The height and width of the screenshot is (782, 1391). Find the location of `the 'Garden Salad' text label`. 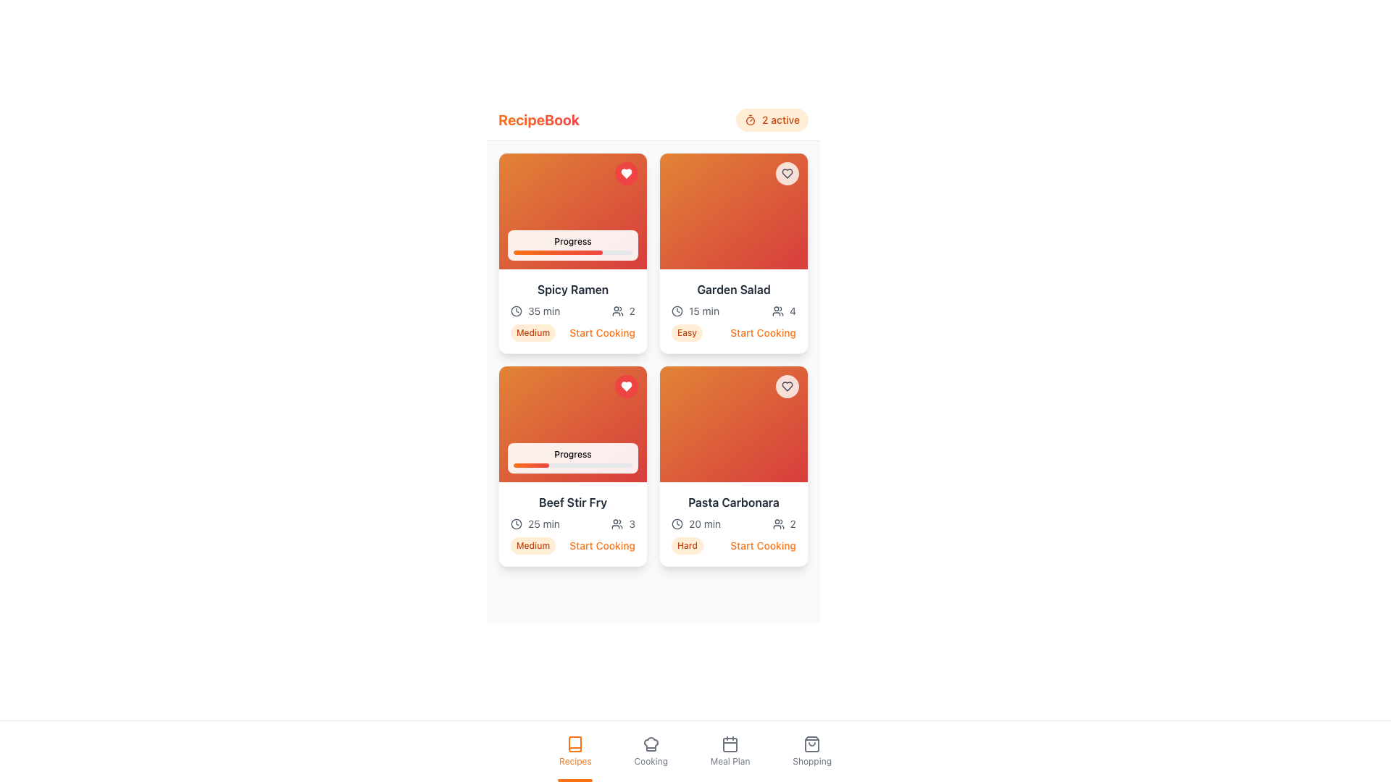

the 'Garden Salad' text label is located at coordinates (733, 290).